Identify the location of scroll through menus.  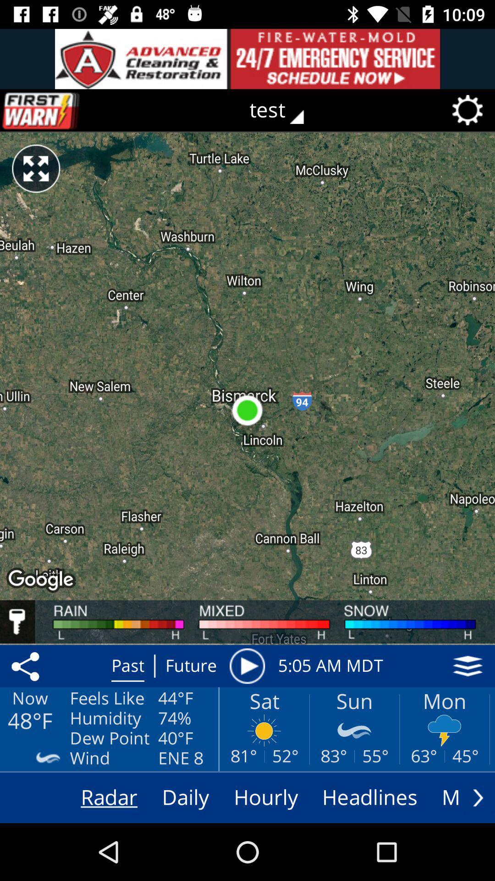
(478, 797).